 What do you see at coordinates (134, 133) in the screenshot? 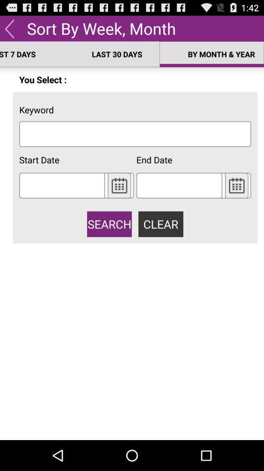
I see `search for keyword` at bounding box center [134, 133].